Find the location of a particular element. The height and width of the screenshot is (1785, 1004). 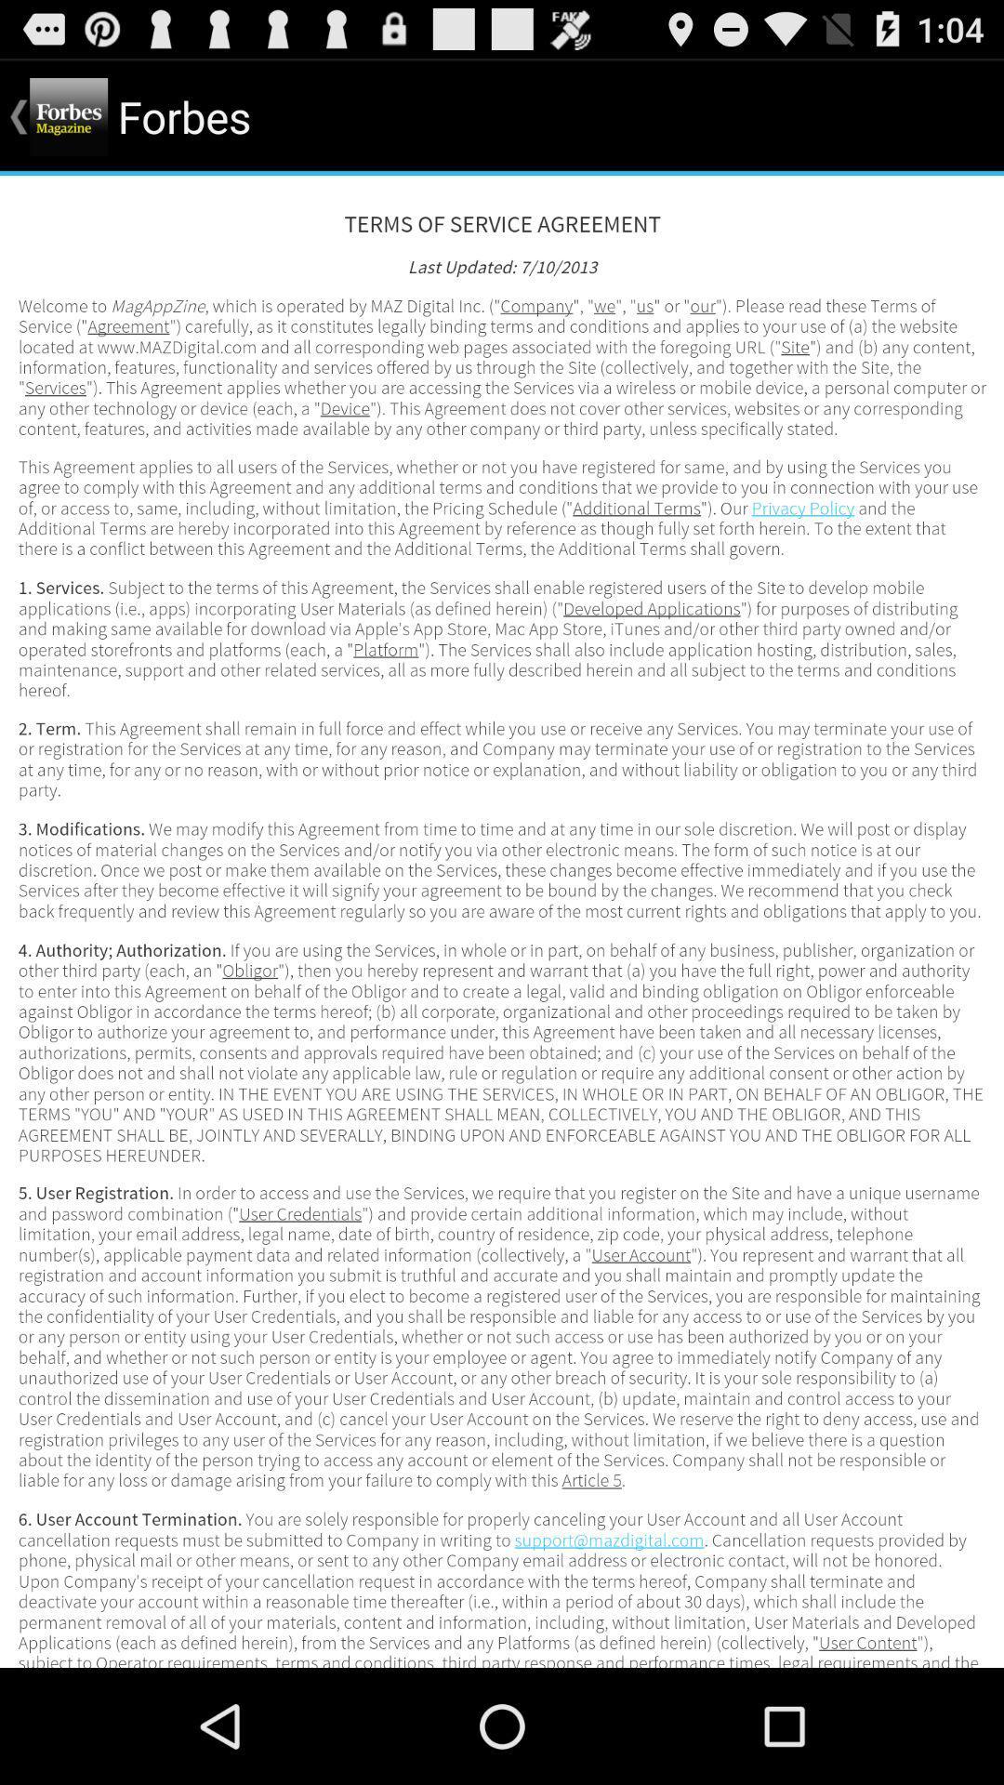

screen page is located at coordinates (502, 921).